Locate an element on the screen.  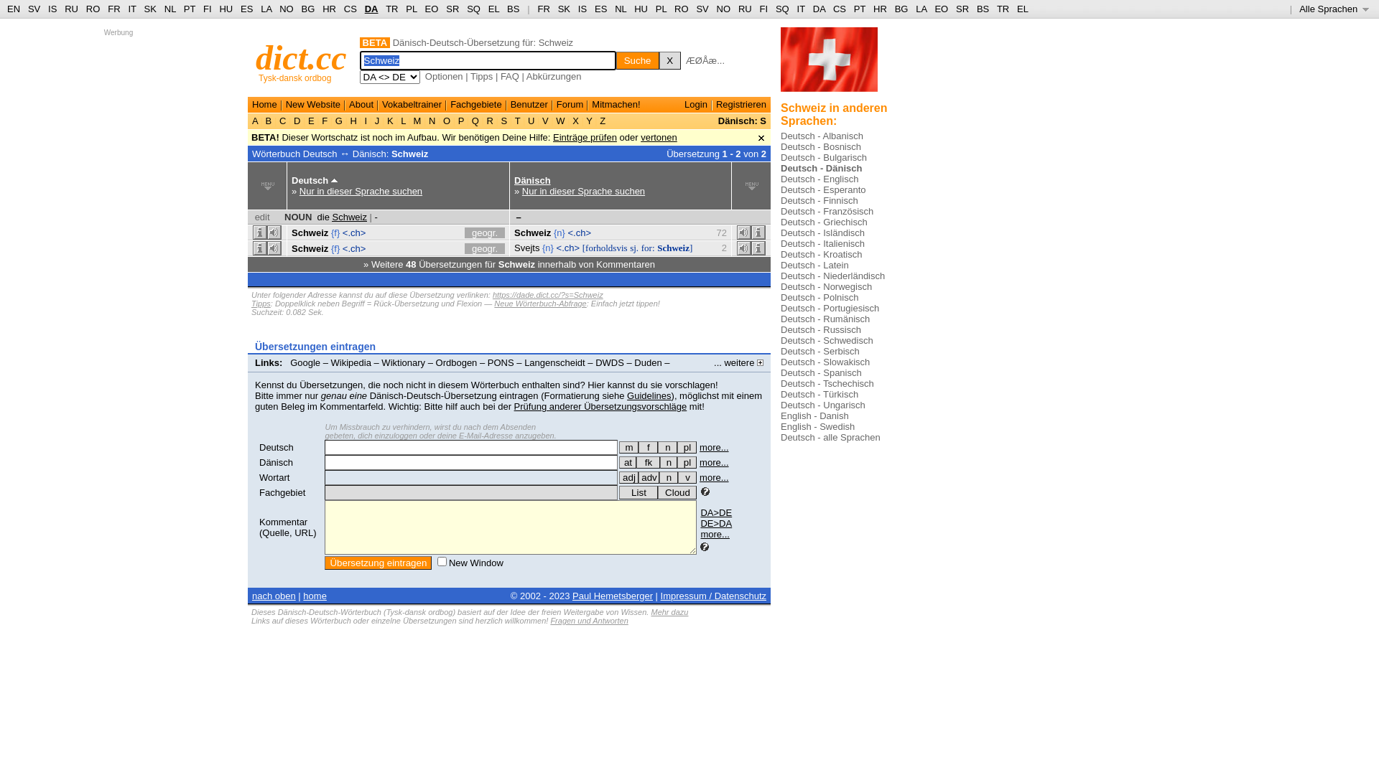
'die - Mehrzahl (Plural)' is located at coordinates (676, 446).